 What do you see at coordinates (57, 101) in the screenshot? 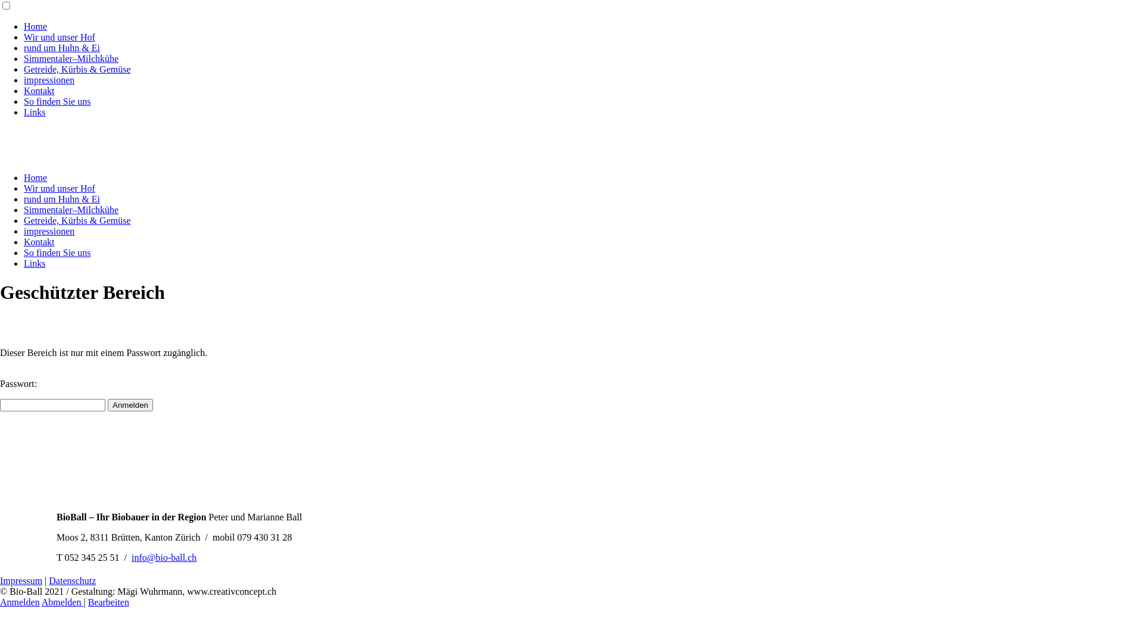
I see `'So finden Sie uns'` at bounding box center [57, 101].